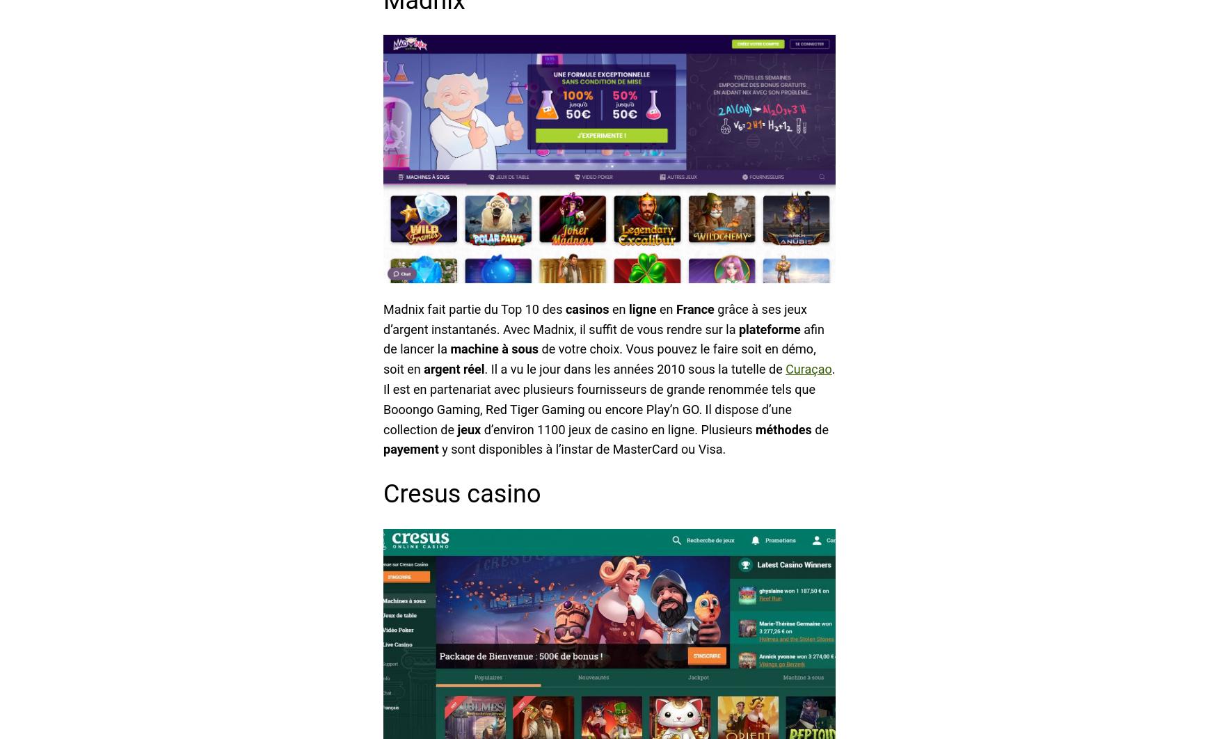  Describe the element at coordinates (820, 429) in the screenshot. I see `'de'` at that location.